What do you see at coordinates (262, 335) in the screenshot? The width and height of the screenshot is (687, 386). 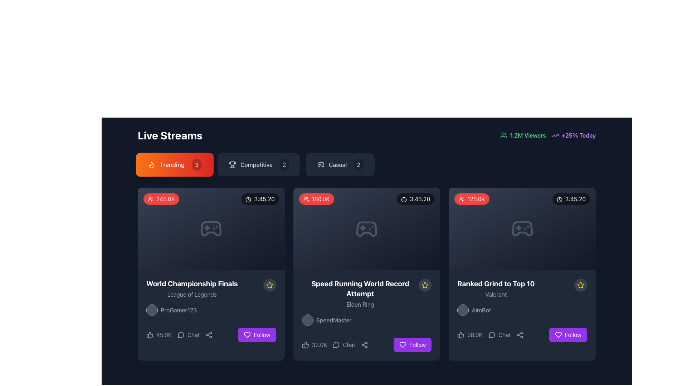 I see `the 'Follow' text label styled with a bold, white font on a purple button located at the bottom right of a card layout to follow the associated content or user` at bounding box center [262, 335].